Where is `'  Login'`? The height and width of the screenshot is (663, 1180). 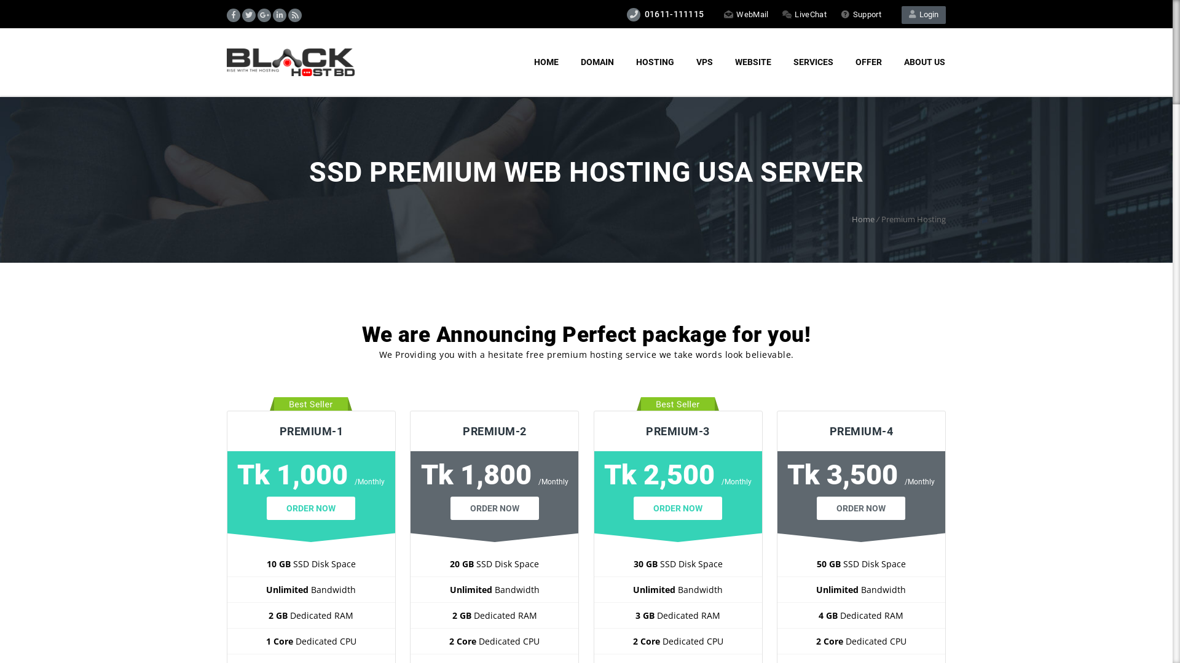 '  Login' is located at coordinates (902, 15).